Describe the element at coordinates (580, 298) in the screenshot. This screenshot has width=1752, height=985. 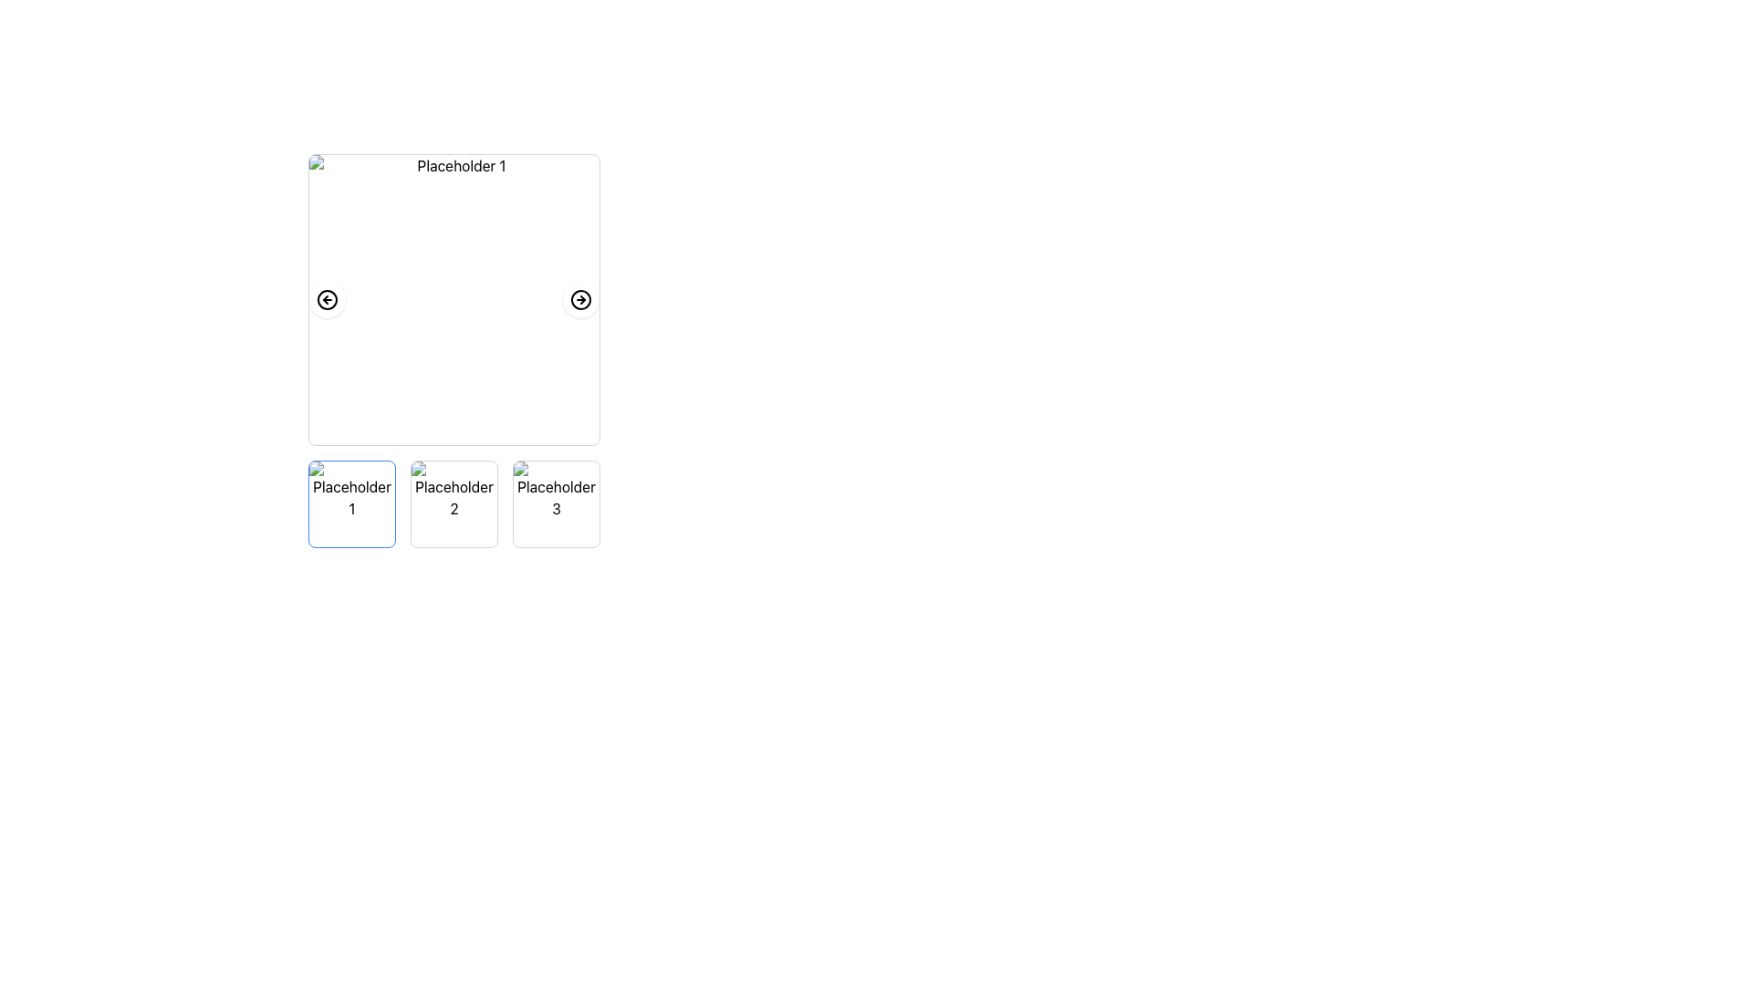
I see `the circular navigation button with a right-pointing arrow` at that location.